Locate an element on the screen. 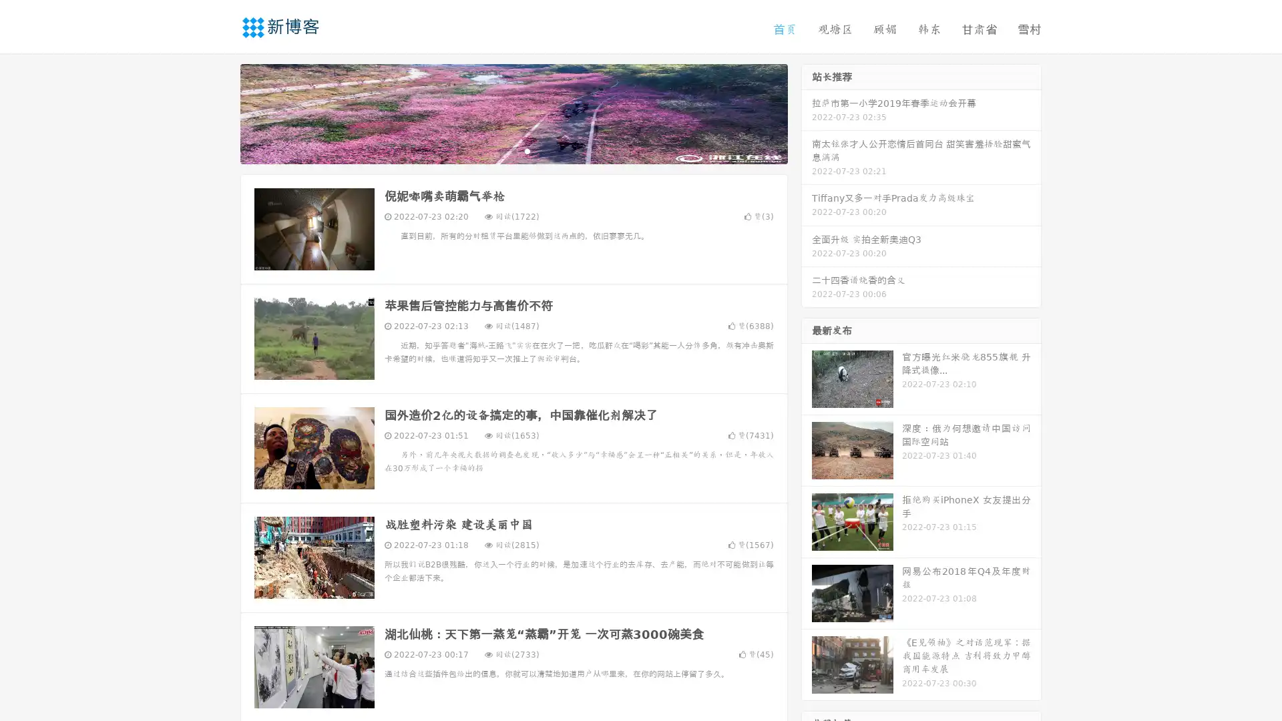 The width and height of the screenshot is (1282, 721). Go to slide 2 is located at coordinates (513, 150).